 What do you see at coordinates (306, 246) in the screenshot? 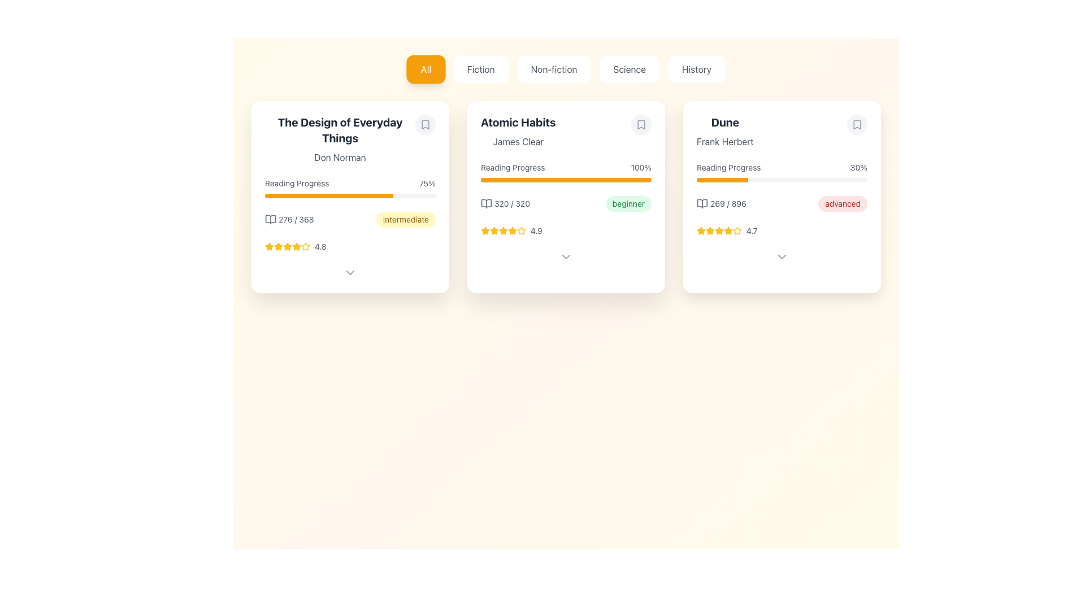
I see `the star icon representing the rating for 'The Design of Everyday Things' in the first card of the interface` at bounding box center [306, 246].